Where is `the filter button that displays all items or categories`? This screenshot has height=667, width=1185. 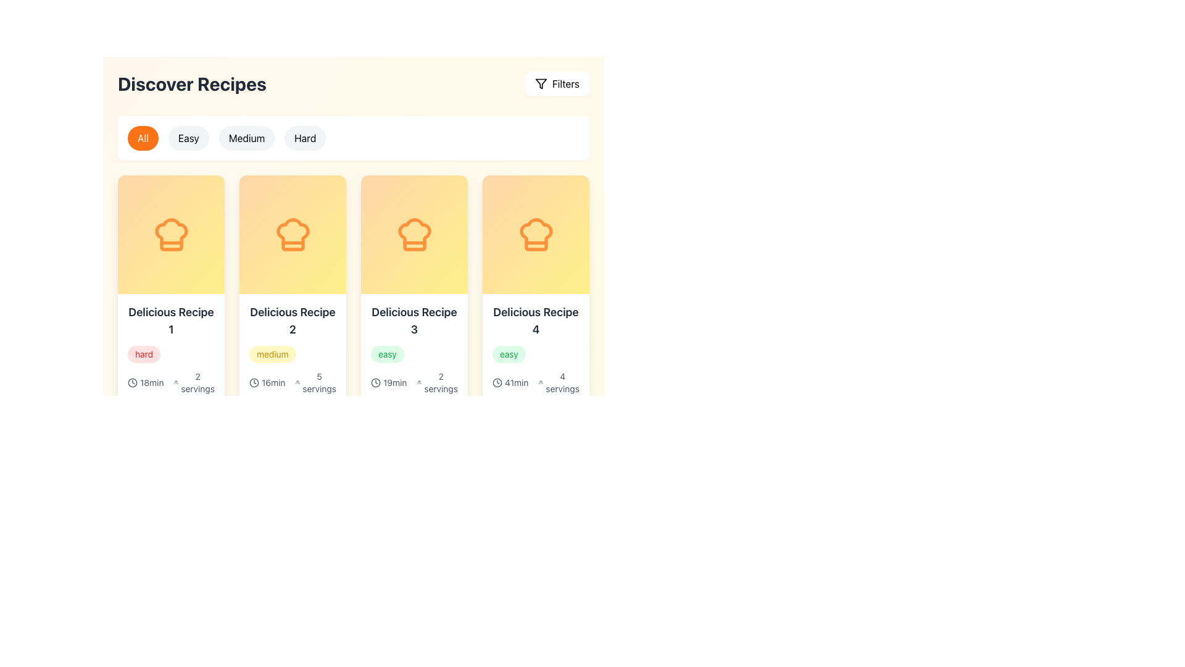 the filter button that displays all items or categories is located at coordinates (143, 138).